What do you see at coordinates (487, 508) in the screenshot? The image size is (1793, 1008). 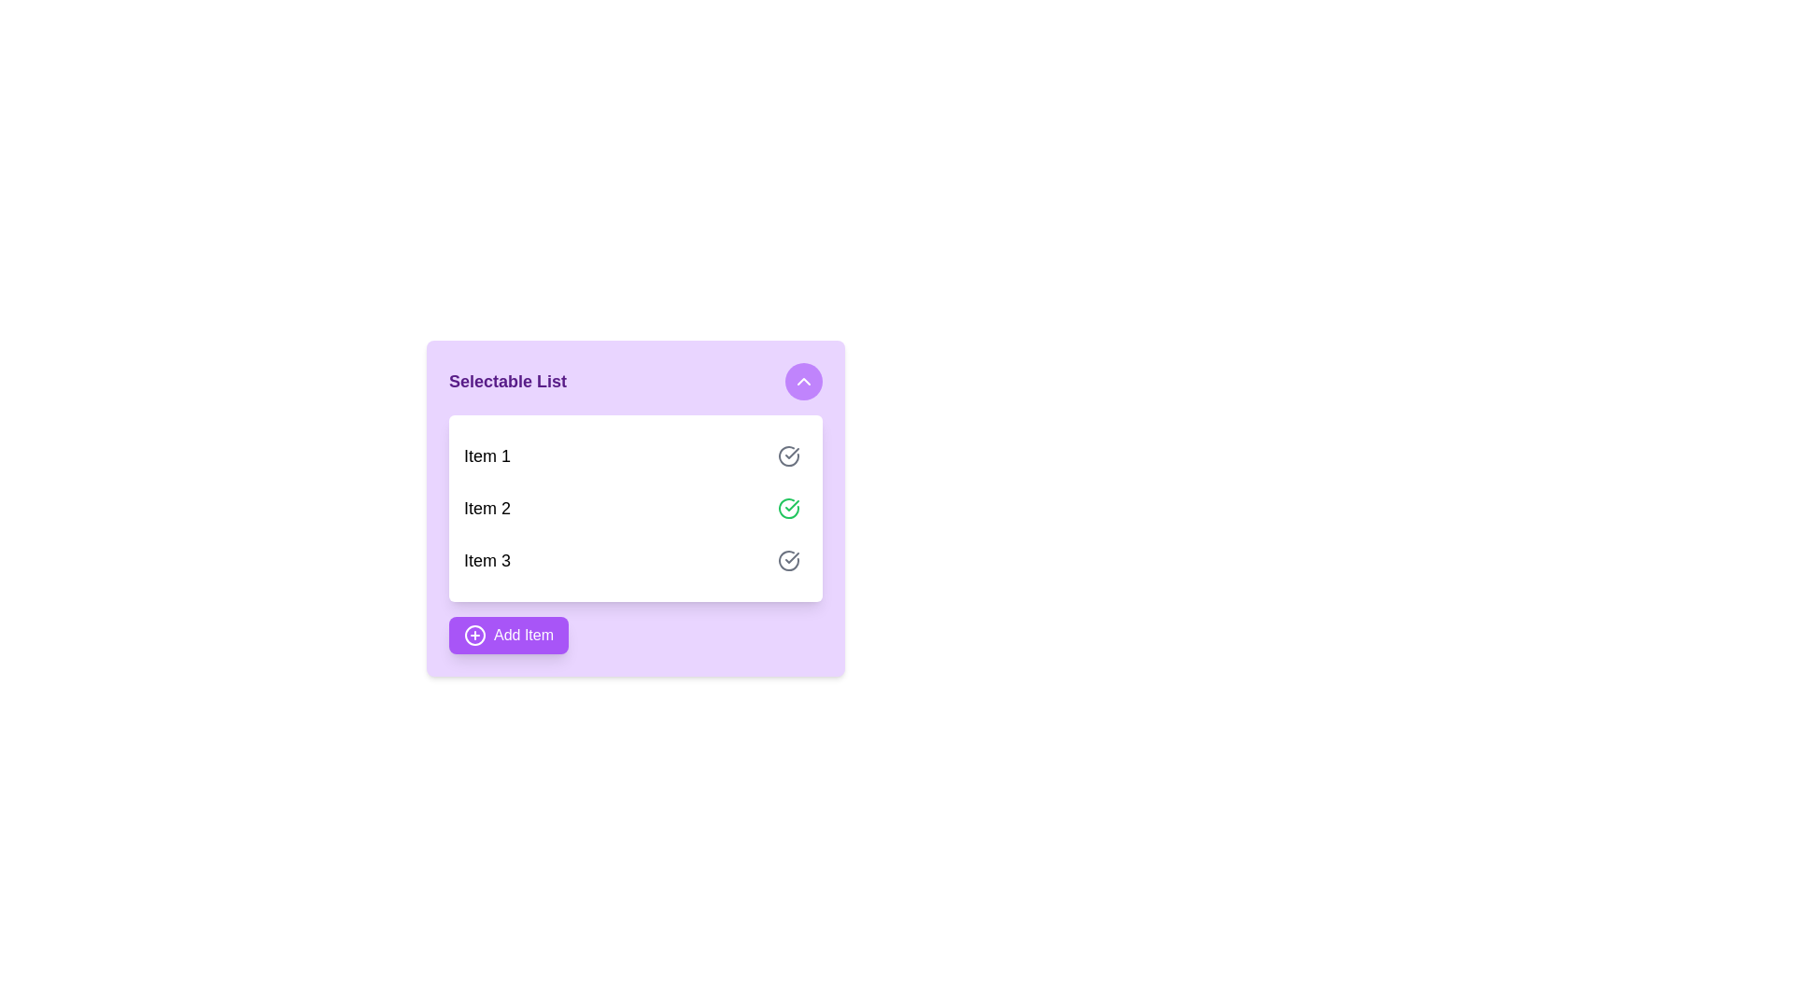 I see `the Text Label displaying 'Item 2'` at bounding box center [487, 508].